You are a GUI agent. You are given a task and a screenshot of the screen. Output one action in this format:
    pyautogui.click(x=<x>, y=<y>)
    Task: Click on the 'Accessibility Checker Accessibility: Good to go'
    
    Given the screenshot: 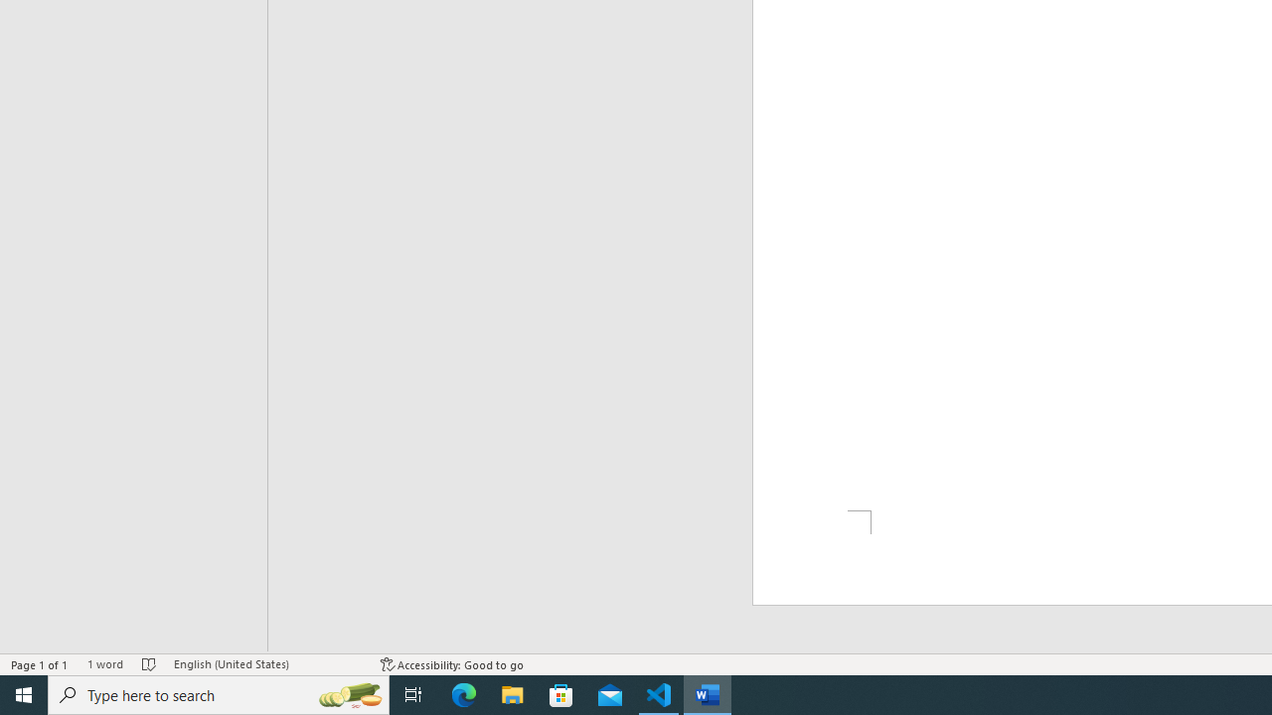 What is the action you would take?
    pyautogui.click(x=451, y=664)
    